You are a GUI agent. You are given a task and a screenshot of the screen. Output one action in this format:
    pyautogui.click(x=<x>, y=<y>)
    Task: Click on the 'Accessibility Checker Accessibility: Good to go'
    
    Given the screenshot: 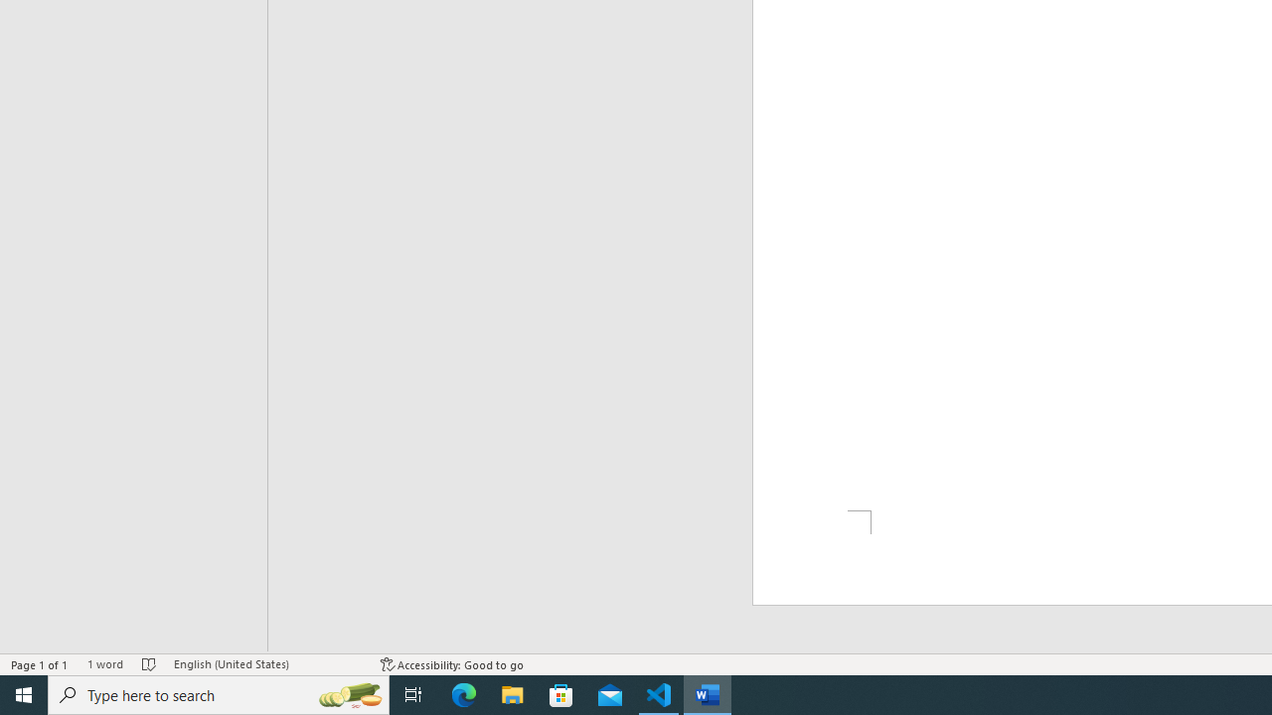 What is the action you would take?
    pyautogui.click(x=451, y=664)
    